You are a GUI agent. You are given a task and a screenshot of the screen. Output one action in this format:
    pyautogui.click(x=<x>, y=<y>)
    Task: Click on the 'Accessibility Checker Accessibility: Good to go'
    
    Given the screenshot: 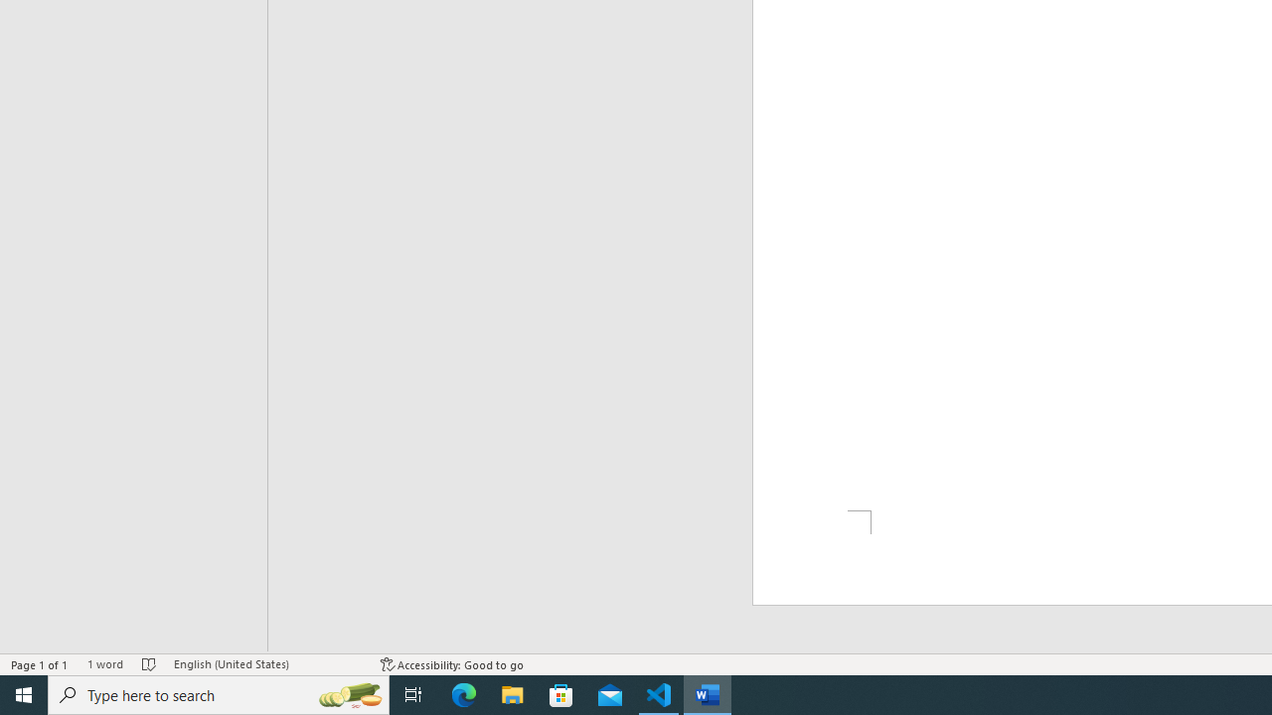 What is the action you would take?
    pyautogui.click(x=451, y=664)
    